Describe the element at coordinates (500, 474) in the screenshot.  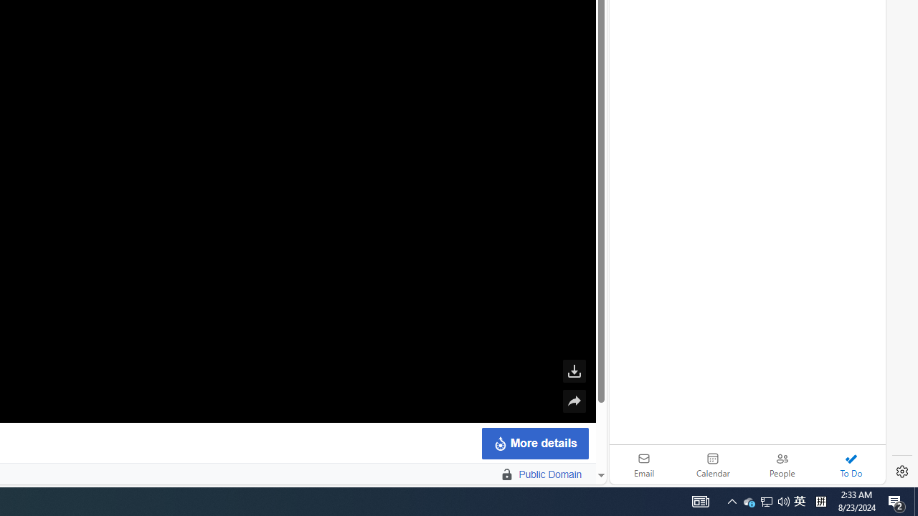
I see `'  Public Domain'` at that location.